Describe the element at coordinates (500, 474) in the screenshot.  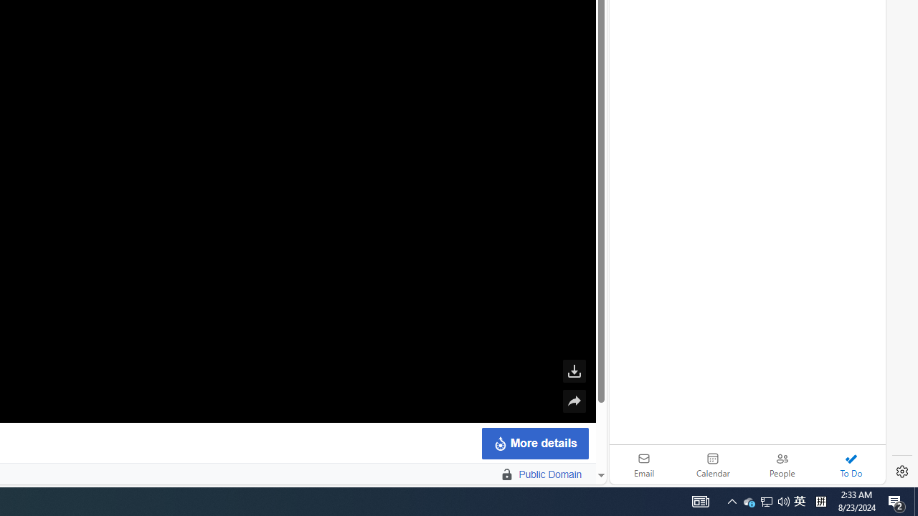
I see `'  Public Domain'` at that location.